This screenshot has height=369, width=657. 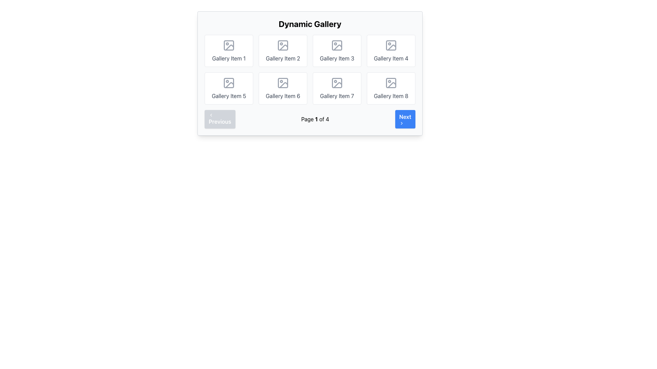 I want to click on the icon representing 'Gallery Item 3' in the 'Dynamic Gallery' section, so click(x=337, y=45).